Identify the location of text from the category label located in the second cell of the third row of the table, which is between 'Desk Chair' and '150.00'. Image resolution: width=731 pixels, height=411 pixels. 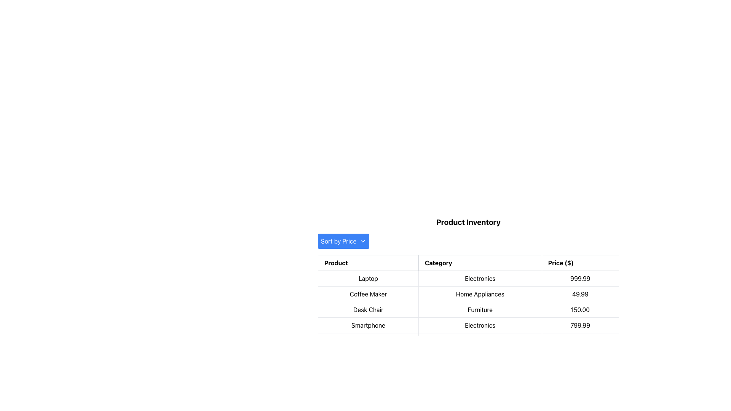
(480, 309).